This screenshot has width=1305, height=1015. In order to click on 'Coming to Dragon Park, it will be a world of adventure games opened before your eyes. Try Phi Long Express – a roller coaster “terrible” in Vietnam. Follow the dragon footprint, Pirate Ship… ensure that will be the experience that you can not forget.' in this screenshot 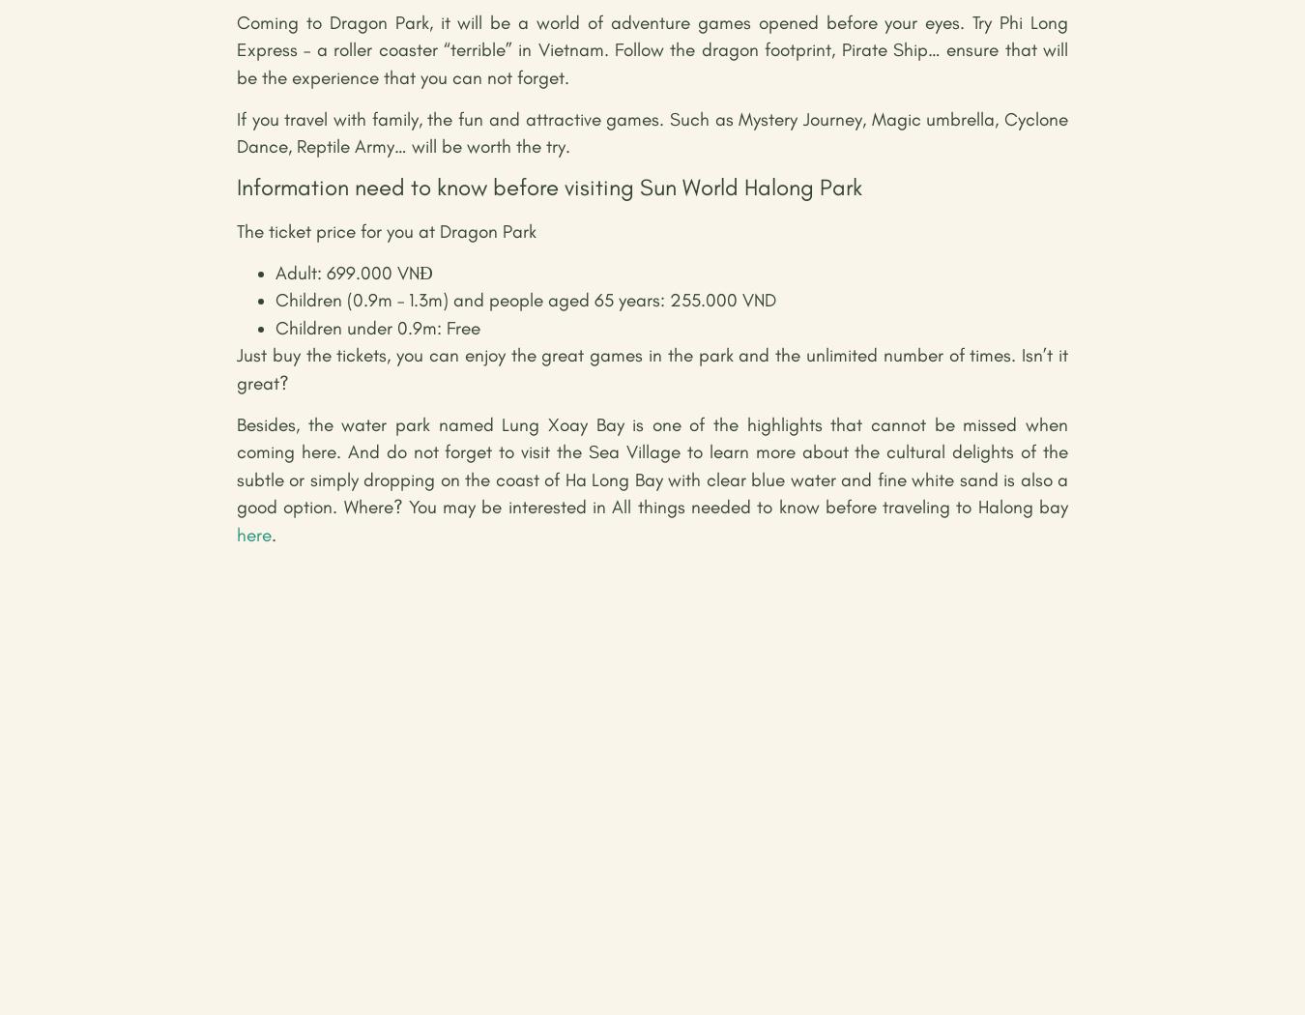, I will do `click(652, 48)`.